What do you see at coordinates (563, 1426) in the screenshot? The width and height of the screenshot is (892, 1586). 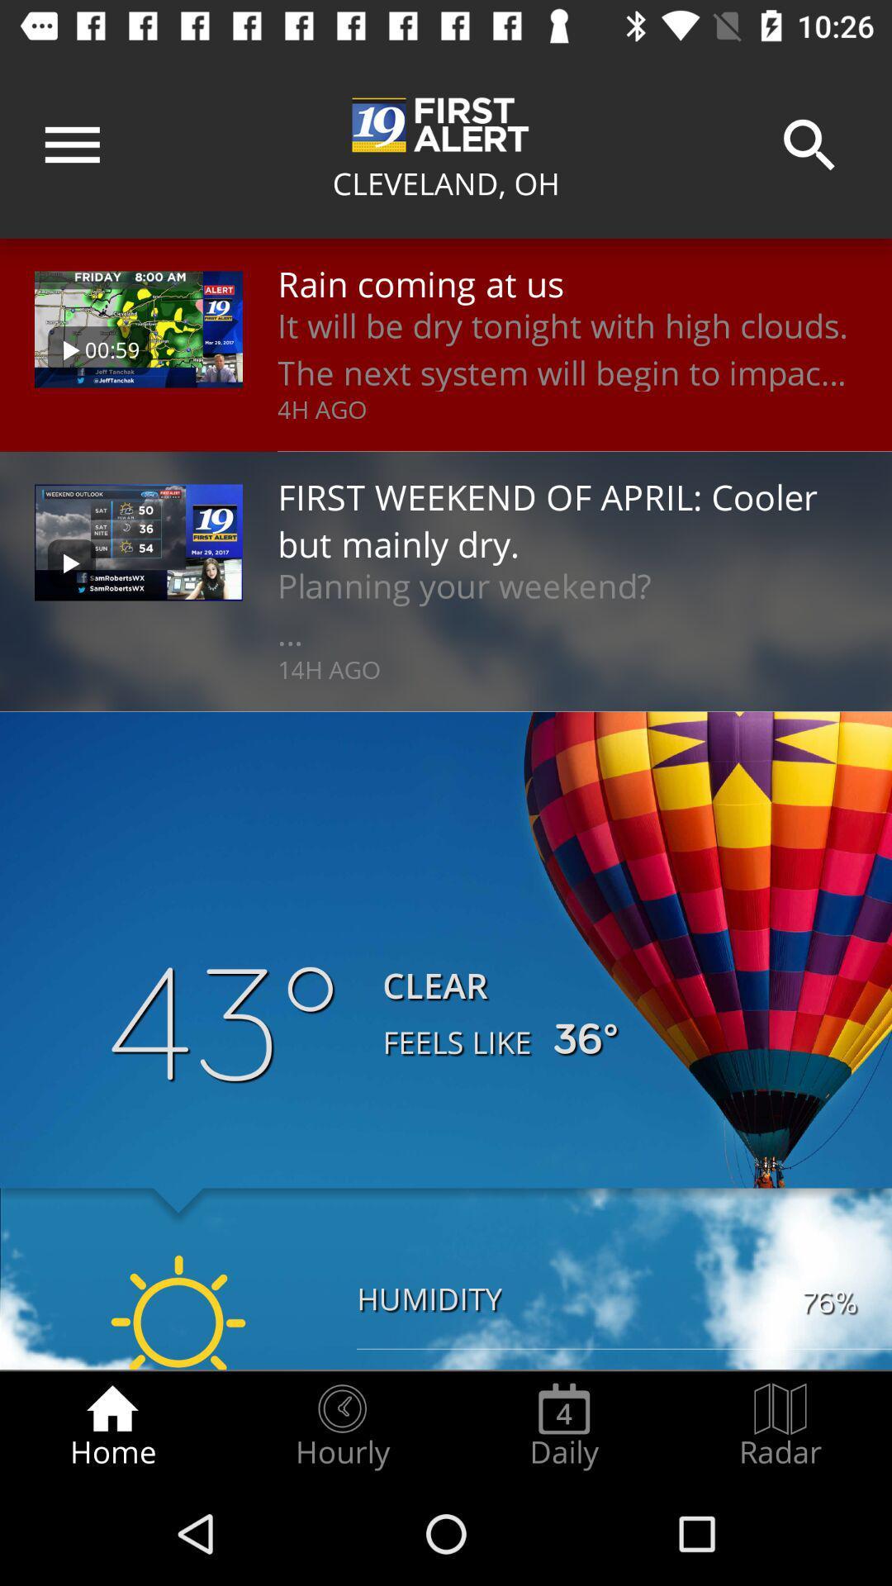 I see `the radio button next to the radar icon` at bounding box center [563, 1426].